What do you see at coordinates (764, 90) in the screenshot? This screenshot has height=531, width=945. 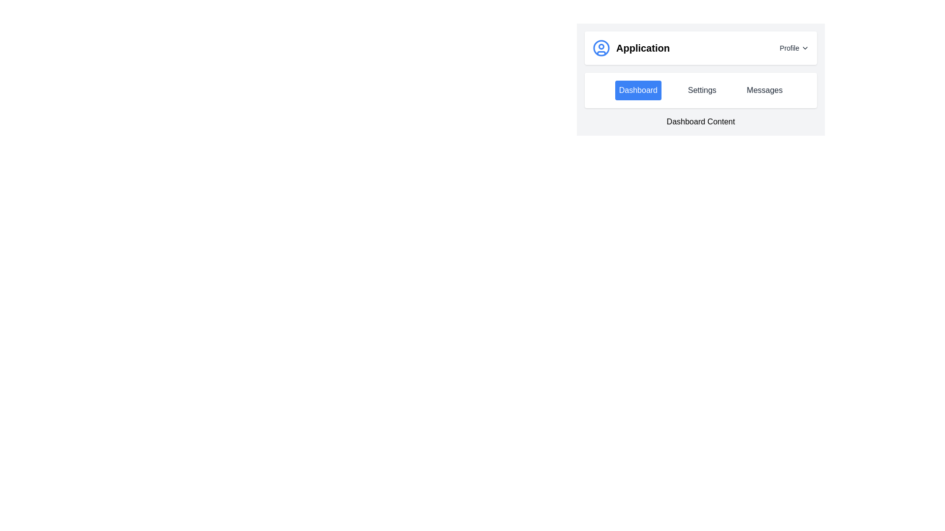 I see `the 'Messages' button, which is a rounded rectangular gray button with dark gray text, located in the third position in a row of three buttons` at bounding box center [764, 90].